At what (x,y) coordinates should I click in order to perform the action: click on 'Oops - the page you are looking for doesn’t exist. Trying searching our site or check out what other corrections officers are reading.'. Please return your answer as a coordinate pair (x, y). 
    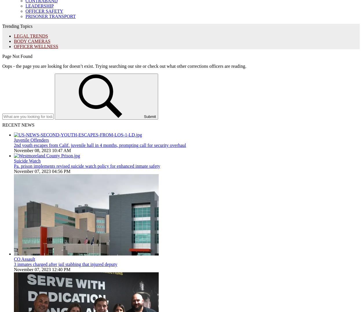
    Looking at the image, I should click on (124, 66).